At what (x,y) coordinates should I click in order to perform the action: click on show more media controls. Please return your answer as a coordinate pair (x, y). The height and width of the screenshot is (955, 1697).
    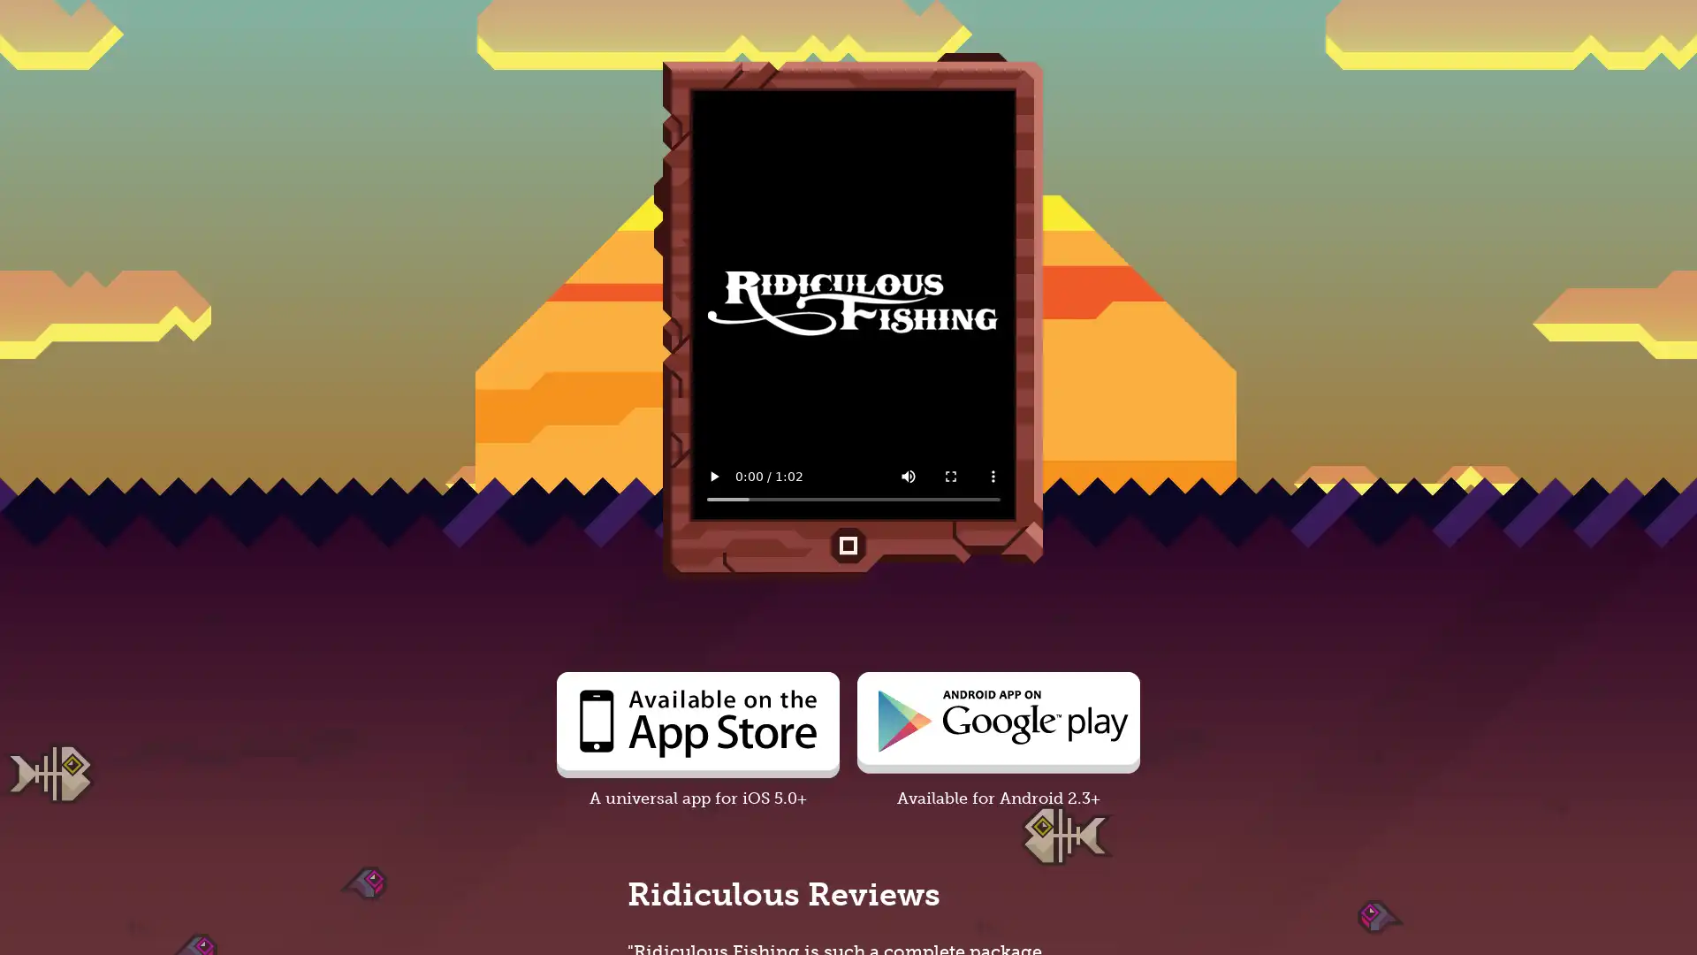
    Looking at the image, I should click on (993, 476).